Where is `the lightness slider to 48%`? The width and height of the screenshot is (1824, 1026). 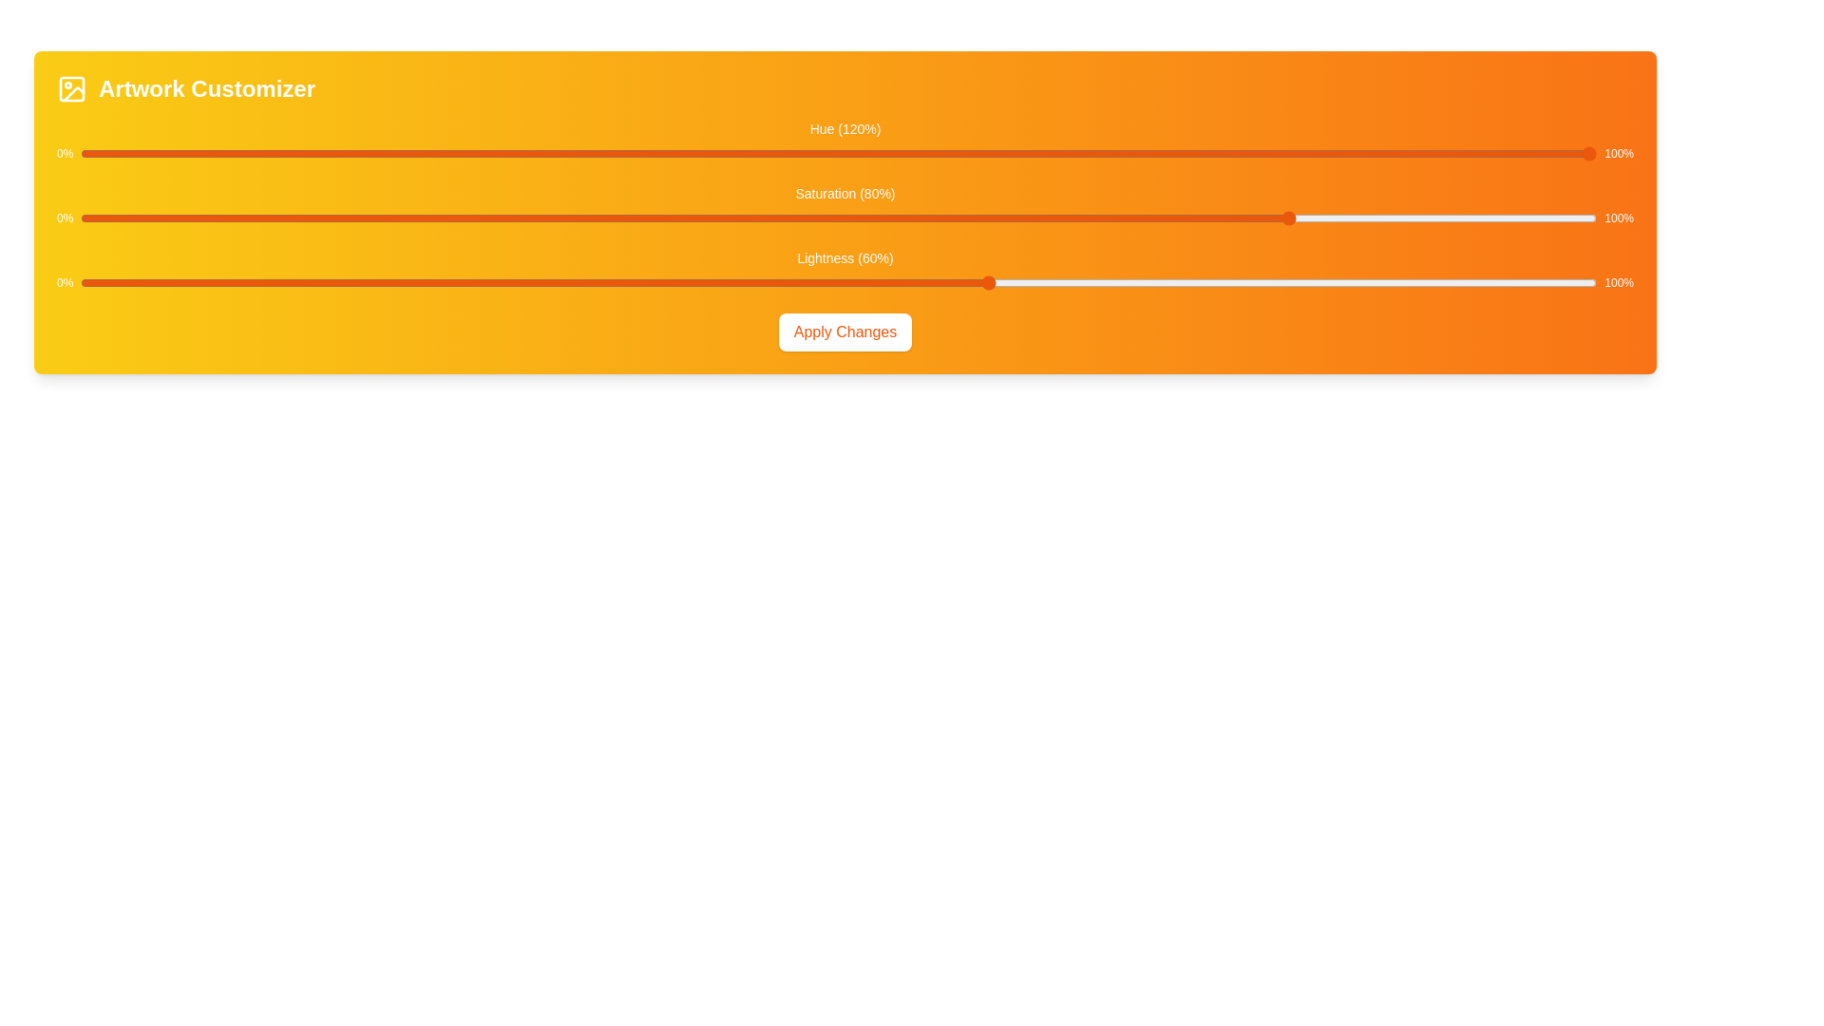
the lightness slider to 48% is located at coordinates (808, 282).